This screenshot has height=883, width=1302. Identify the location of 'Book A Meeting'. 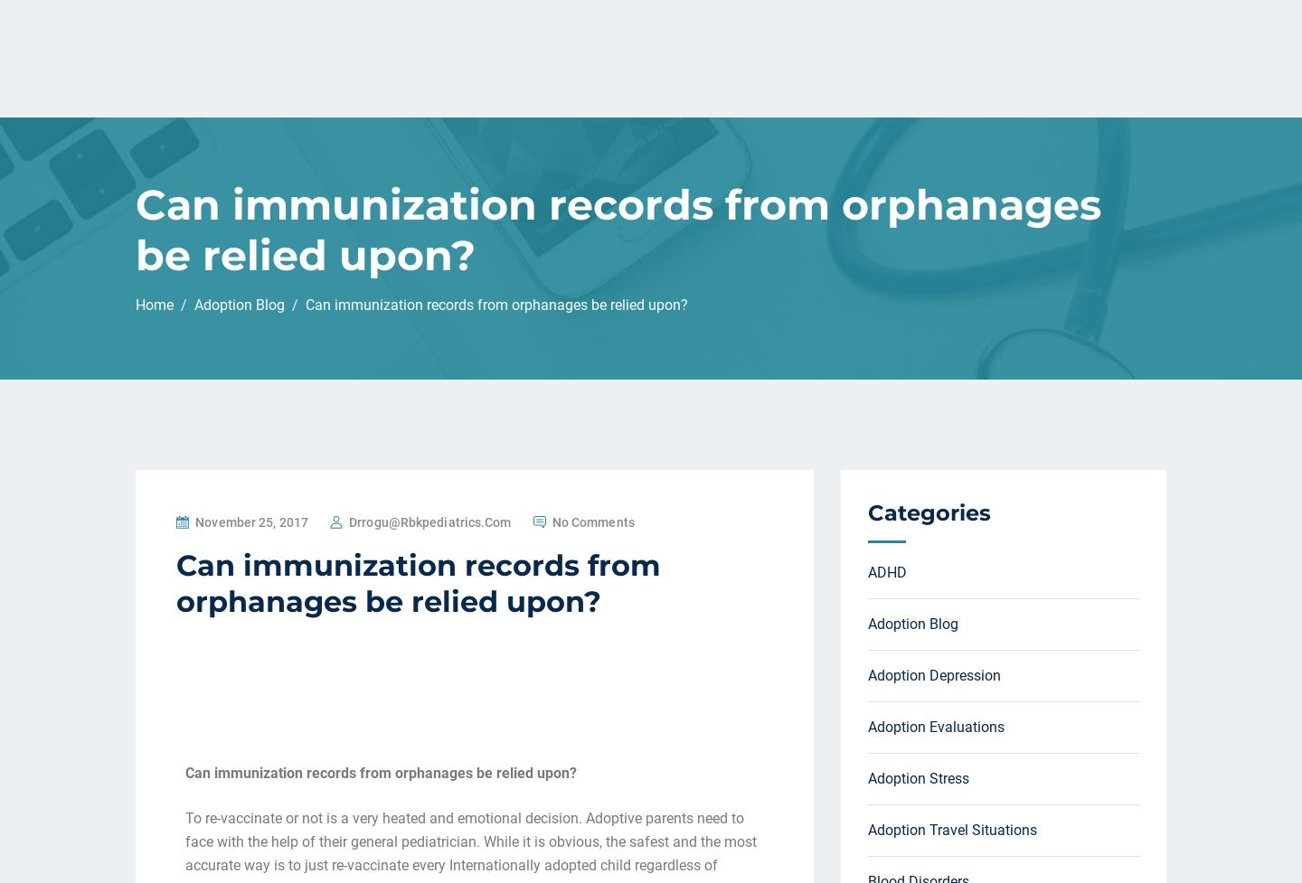
(921, 38).